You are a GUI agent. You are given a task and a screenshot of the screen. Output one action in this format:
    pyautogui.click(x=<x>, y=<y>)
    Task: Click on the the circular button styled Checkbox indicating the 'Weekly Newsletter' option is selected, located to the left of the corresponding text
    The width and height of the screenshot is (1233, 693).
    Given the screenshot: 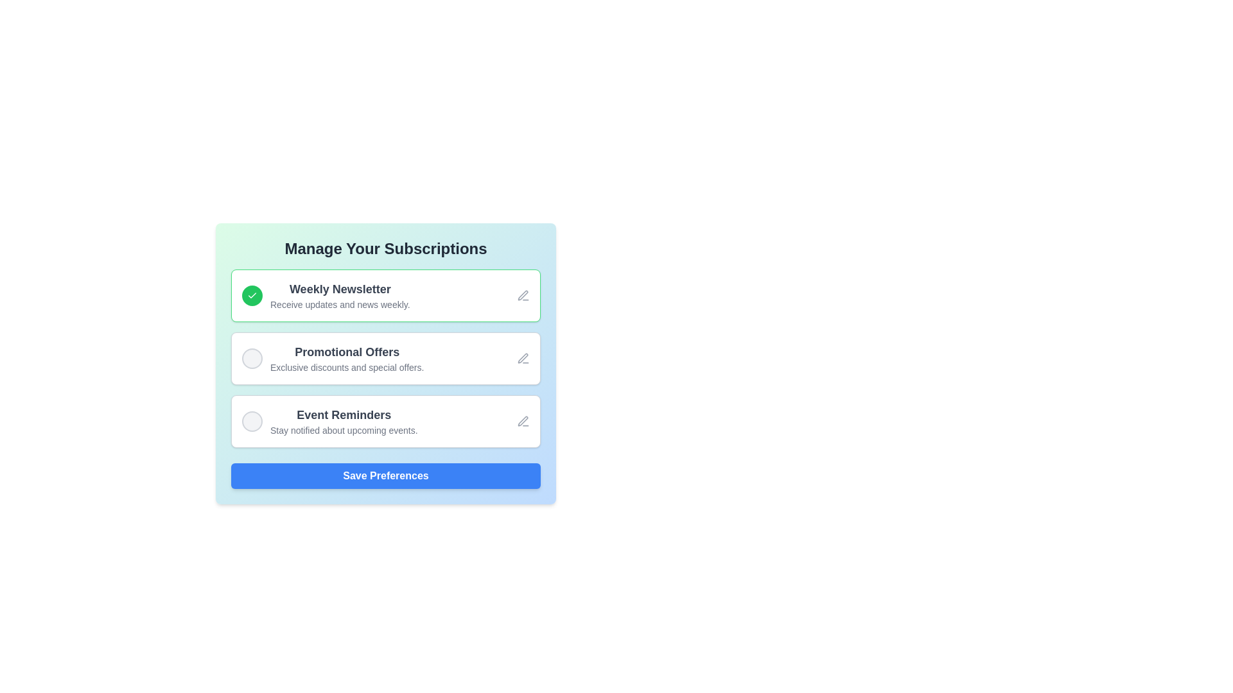 What is the action you would take?
    pyautogui.click(x=252, y=296)
    